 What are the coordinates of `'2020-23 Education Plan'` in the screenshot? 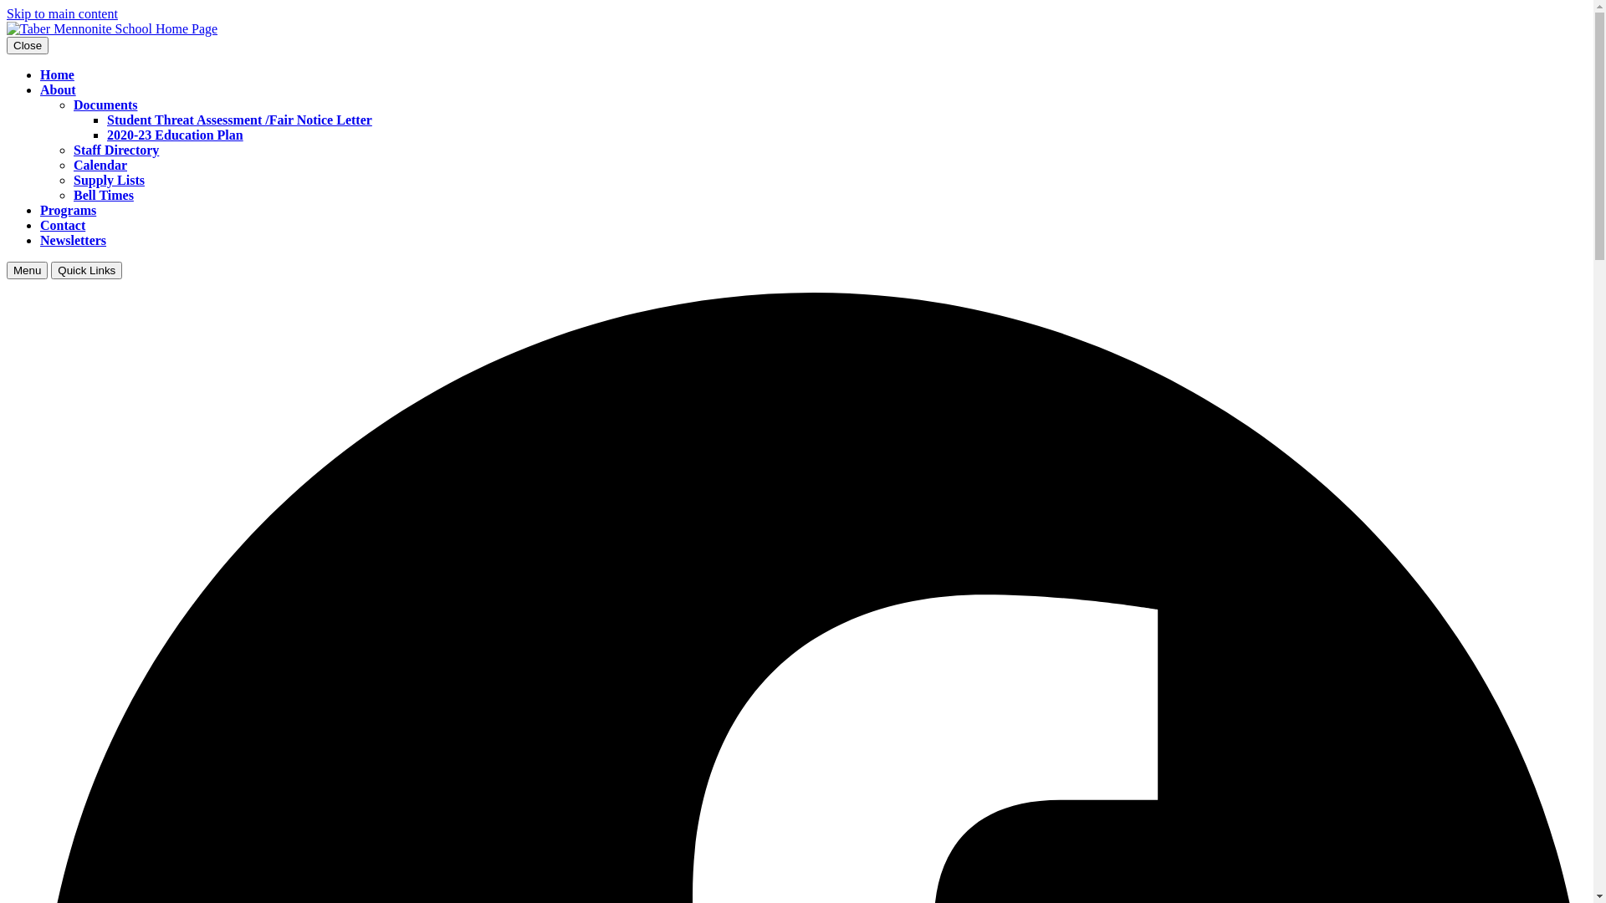 It's located at (175, 134).